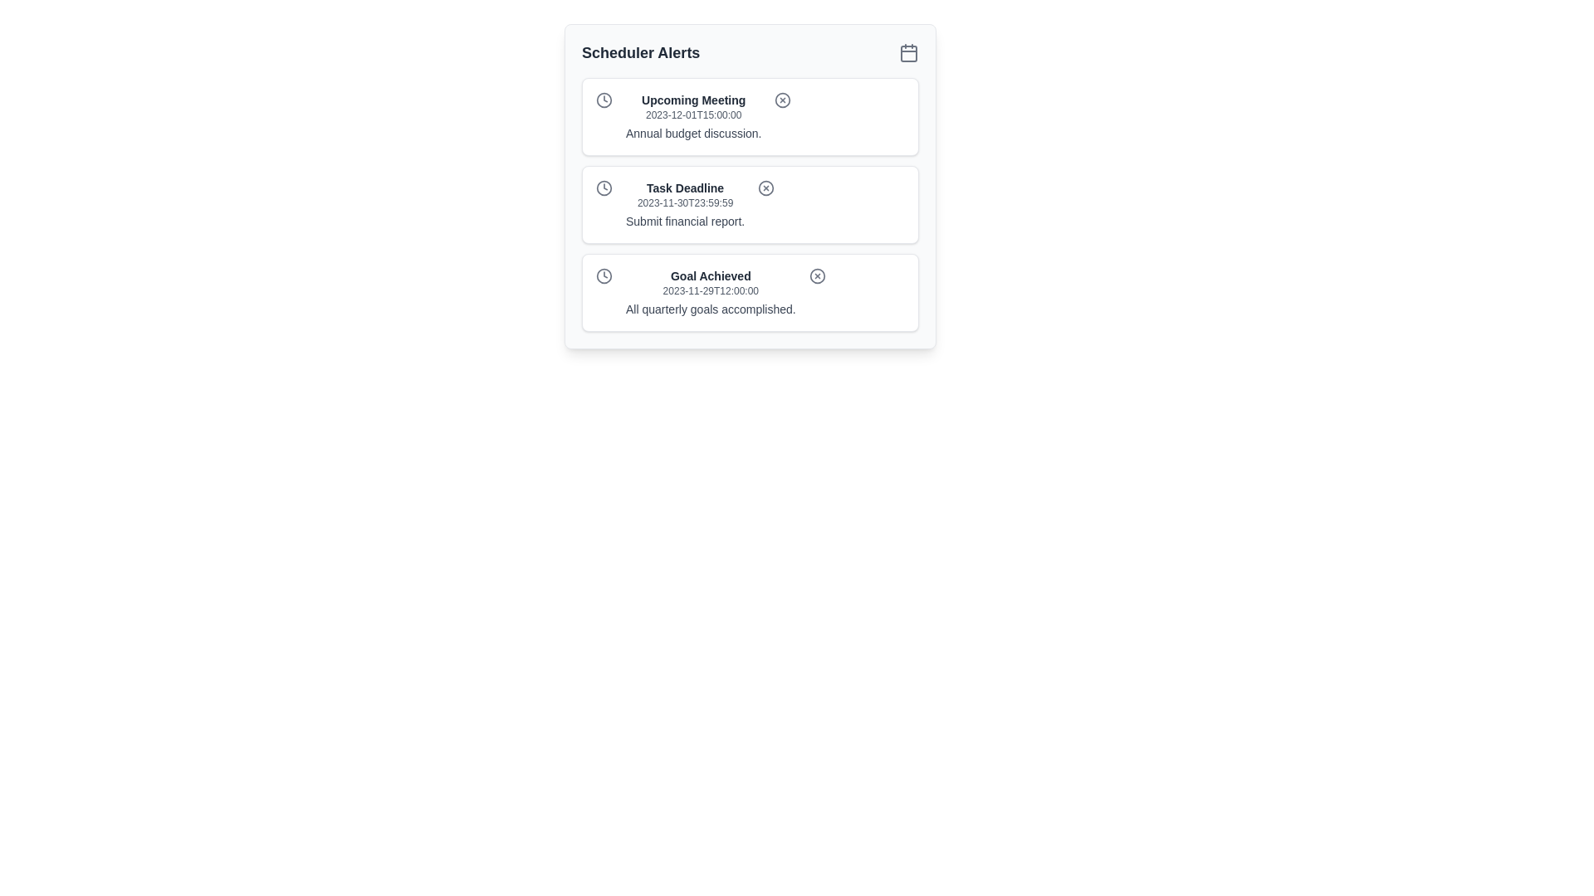  I want to click on the text display element showing '2023-11-29T12:00:00' which is located in the 'Goal Achieved' card within the 'Scheduler Alerts' section, positioned directly under the card title, so click(711, 290).